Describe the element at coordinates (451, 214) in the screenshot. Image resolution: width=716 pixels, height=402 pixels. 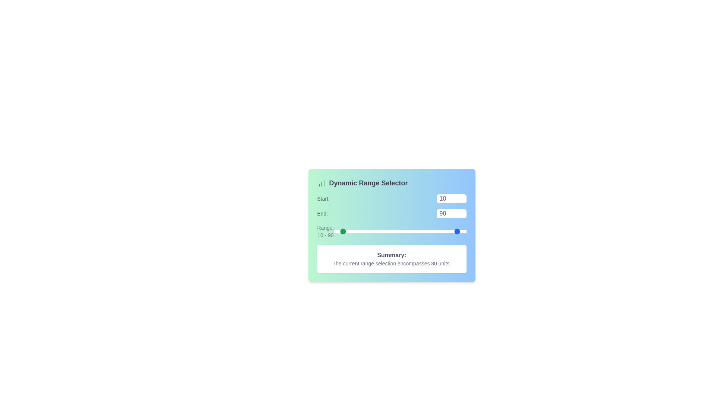
I see `the 'End' range value to 10 using the input box` at that location.